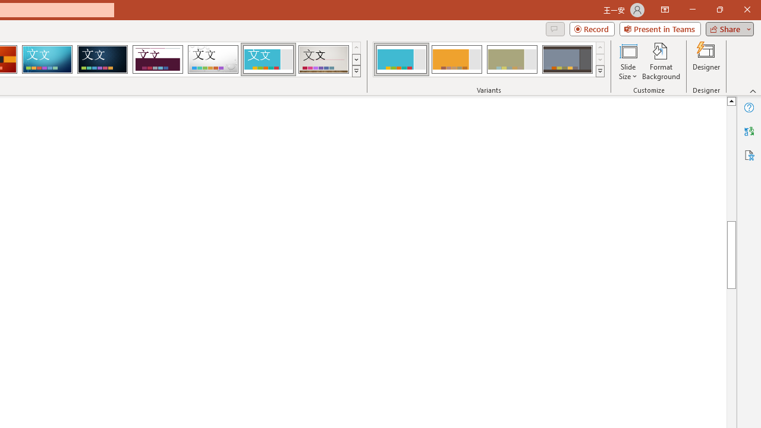 Image resolution: width=761 pixels, height=428 pixels. What do you see at coordinates (47, 59) in the screenshot?
I see `'Circuit'` at bounding box center [47, 59].